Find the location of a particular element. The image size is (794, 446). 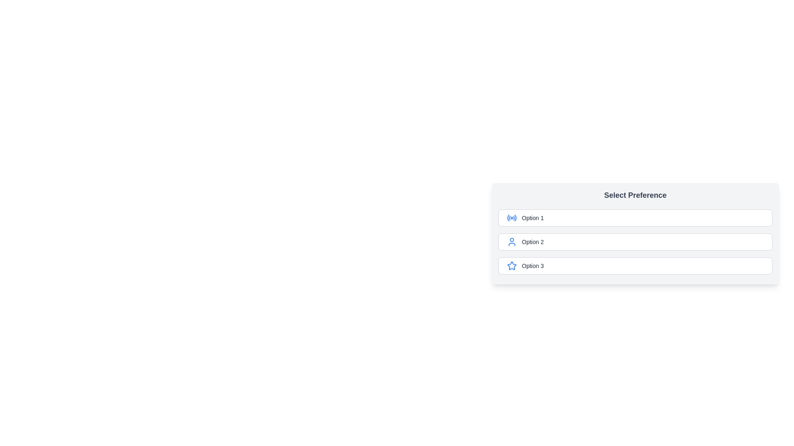

the bold and large heading text block reading 'Select Preference', which is styled in dark gray and positioned at the top of the preference selection section is located at coordinates (635, 195).